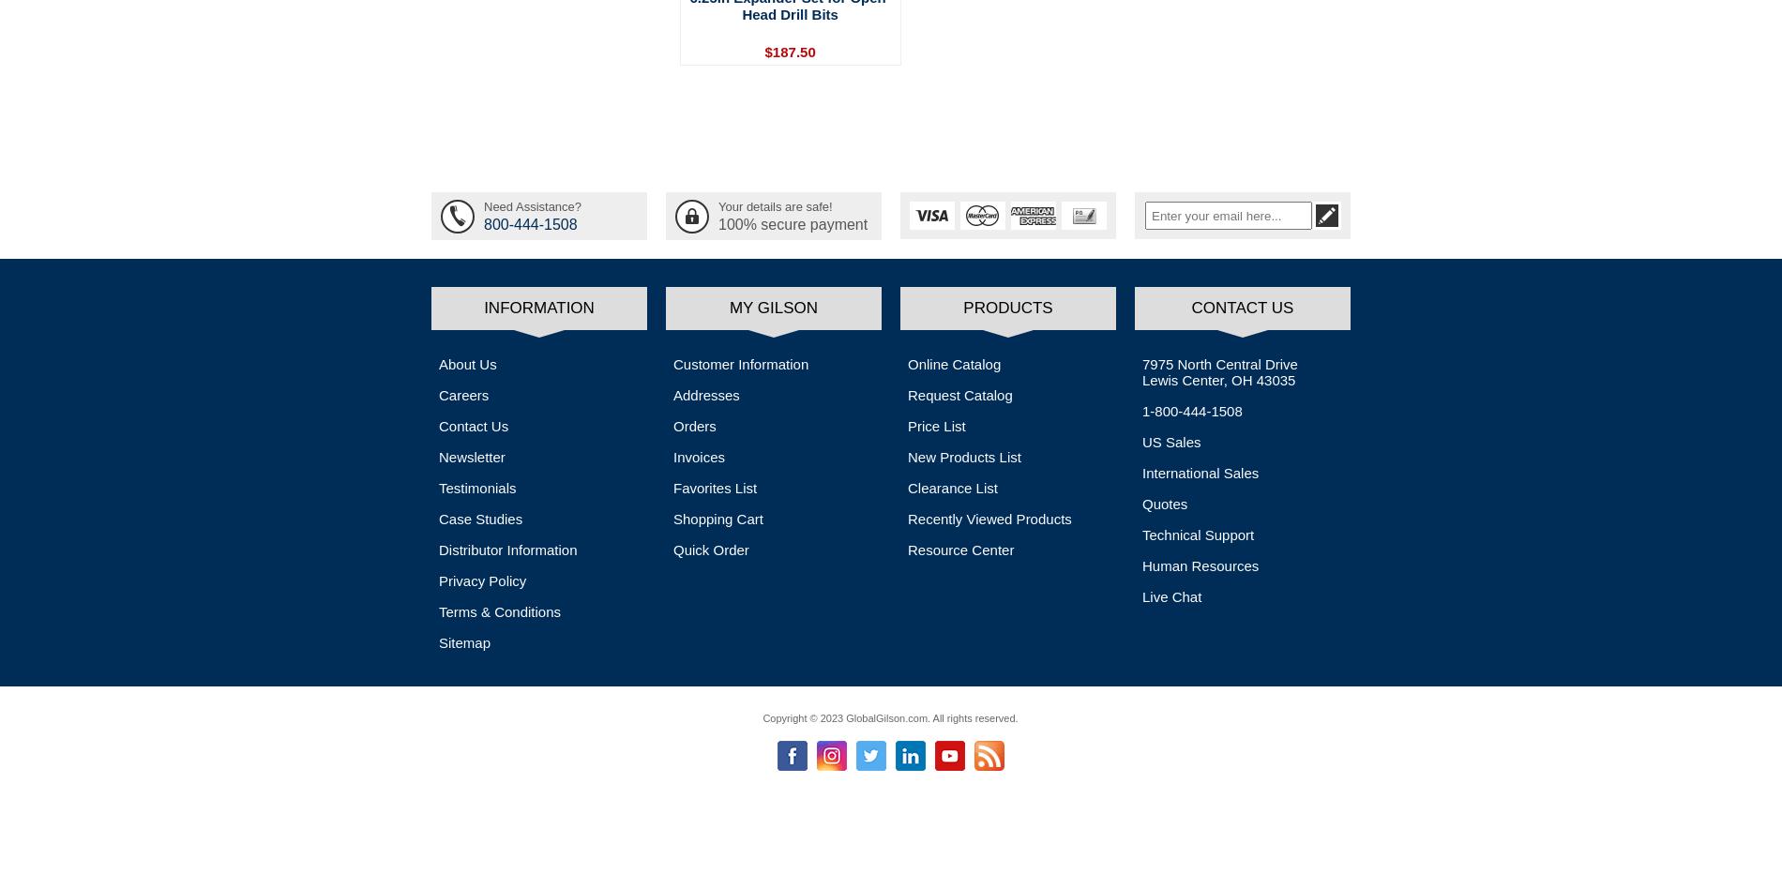  Describe the element at coordinates (530, 220) in the screenshot. I see `'800-444-1508'` at that location.